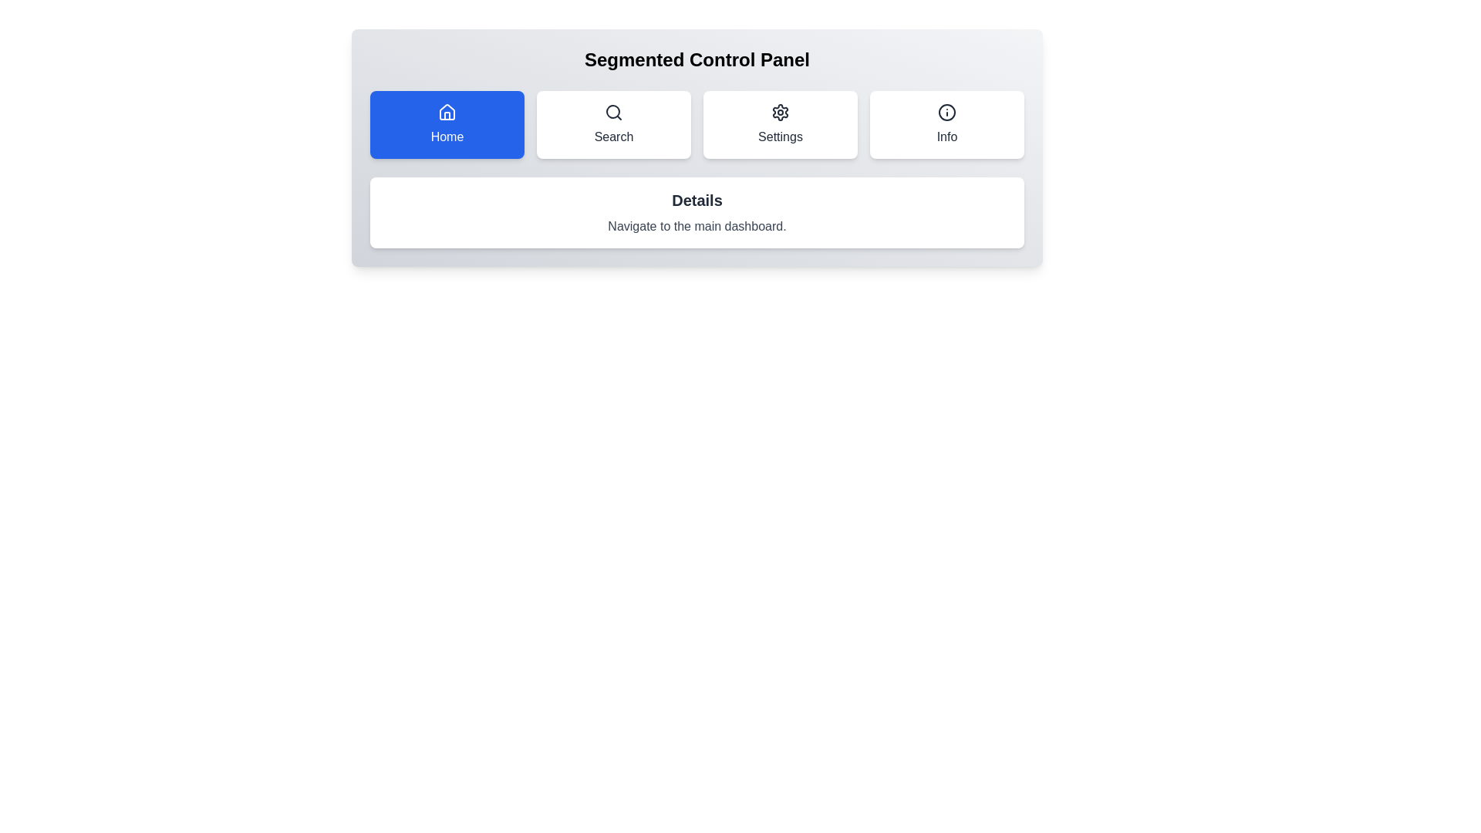 This screenshot has height=833, width=1481. Describe the element at coordinates (612, 111) in the screenshot. I see `the circle icon of the search magnifier, which is part of the search button located in the horizontal navigation bar below the header 'Segmented Control Panel'` at that location.